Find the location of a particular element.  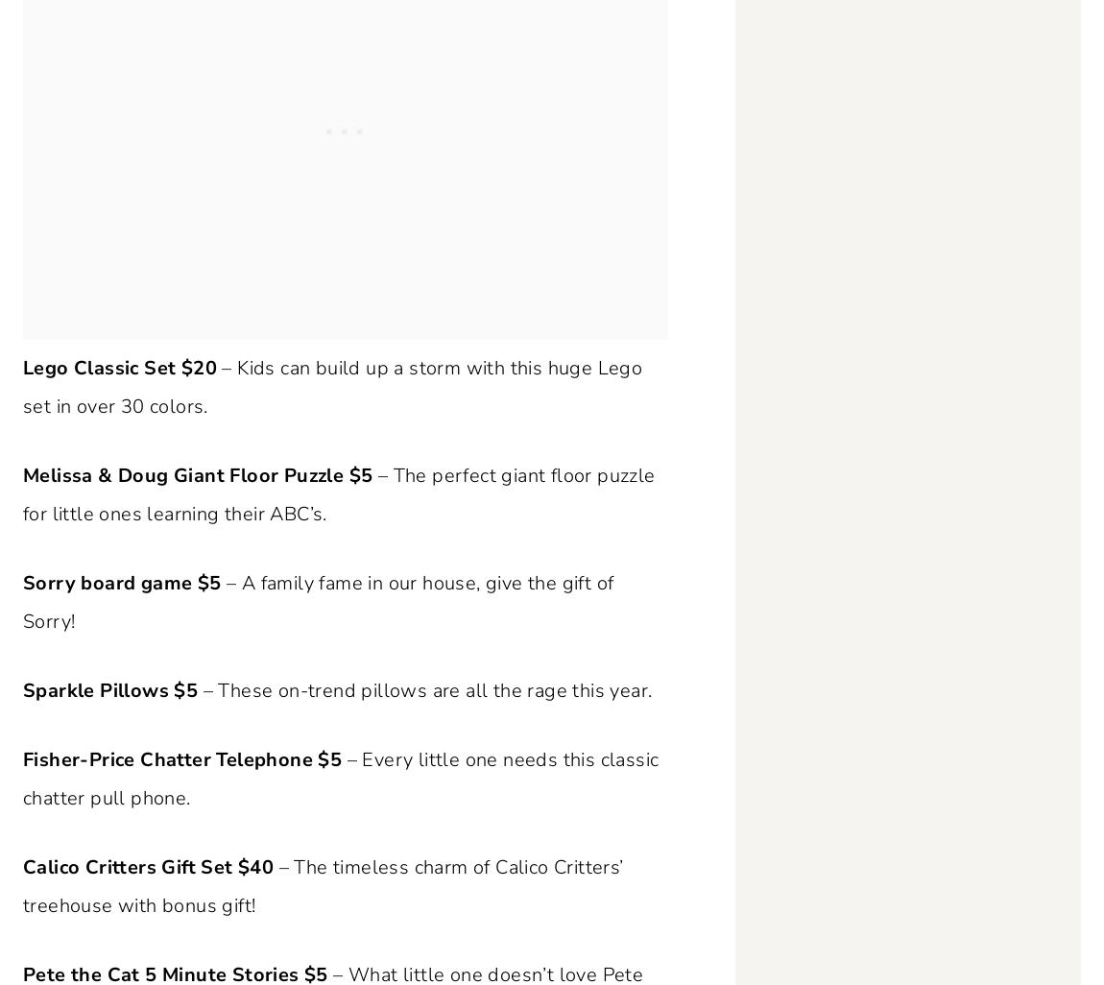

'Fisher-Price Chatter Telephone $5' is located at coordinates (180, 758).